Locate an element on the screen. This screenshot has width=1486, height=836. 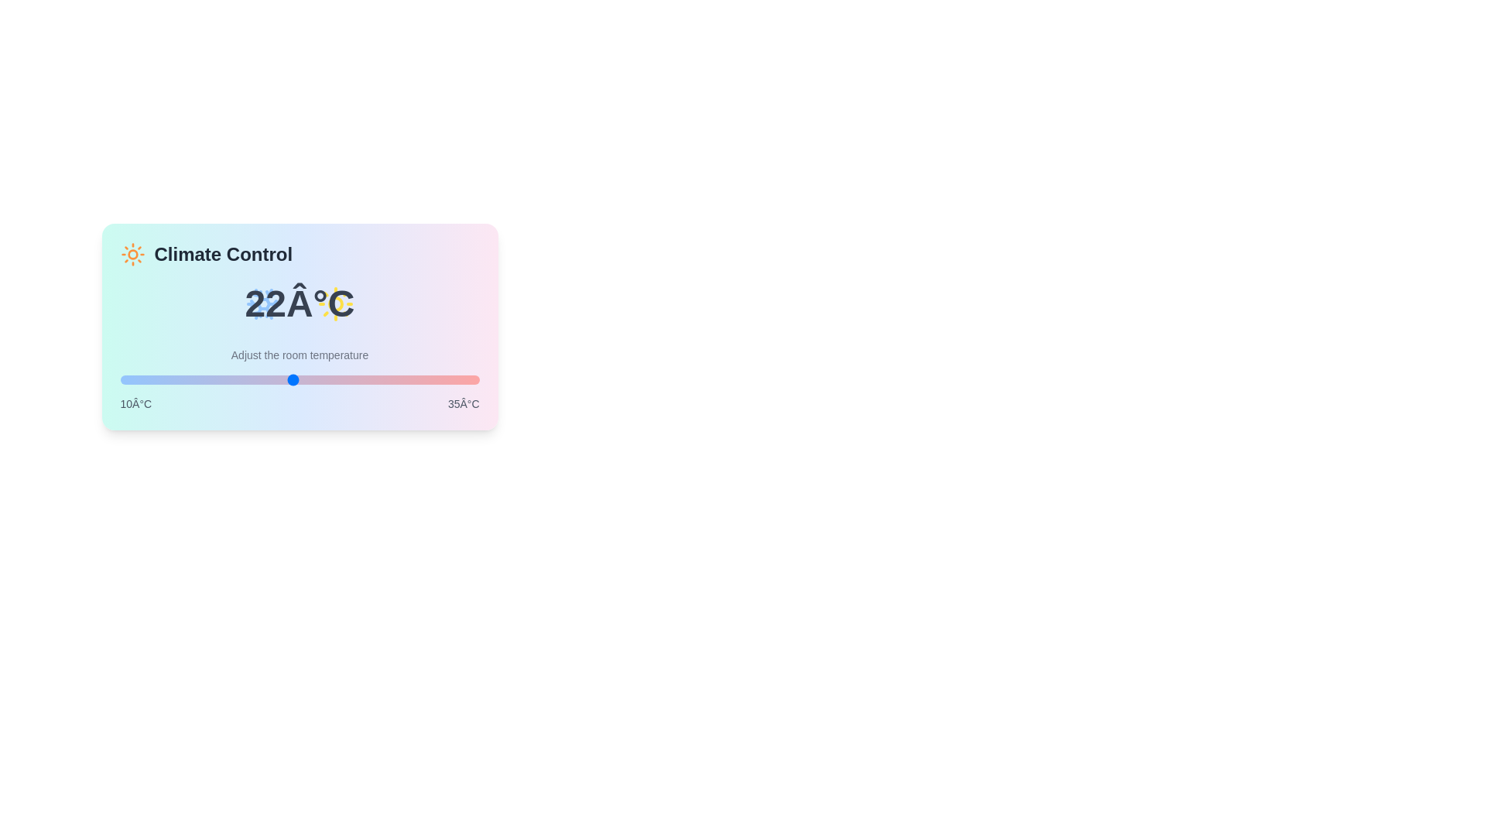
the temperature slider to 21 degrees Celsius is located at coordinates (278, 379).